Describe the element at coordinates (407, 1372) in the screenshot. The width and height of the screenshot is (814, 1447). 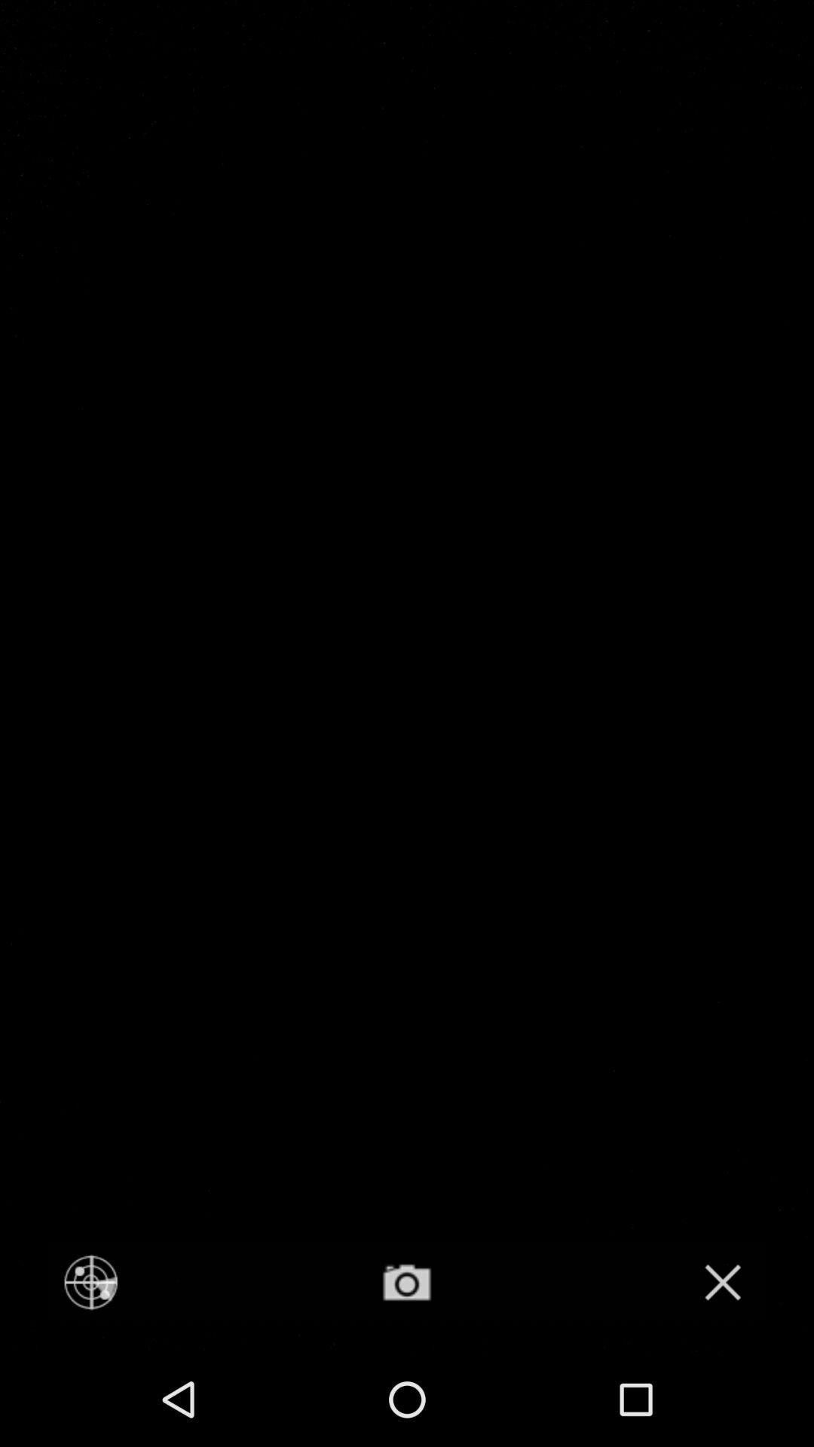
I see `the photo icon` at that location.